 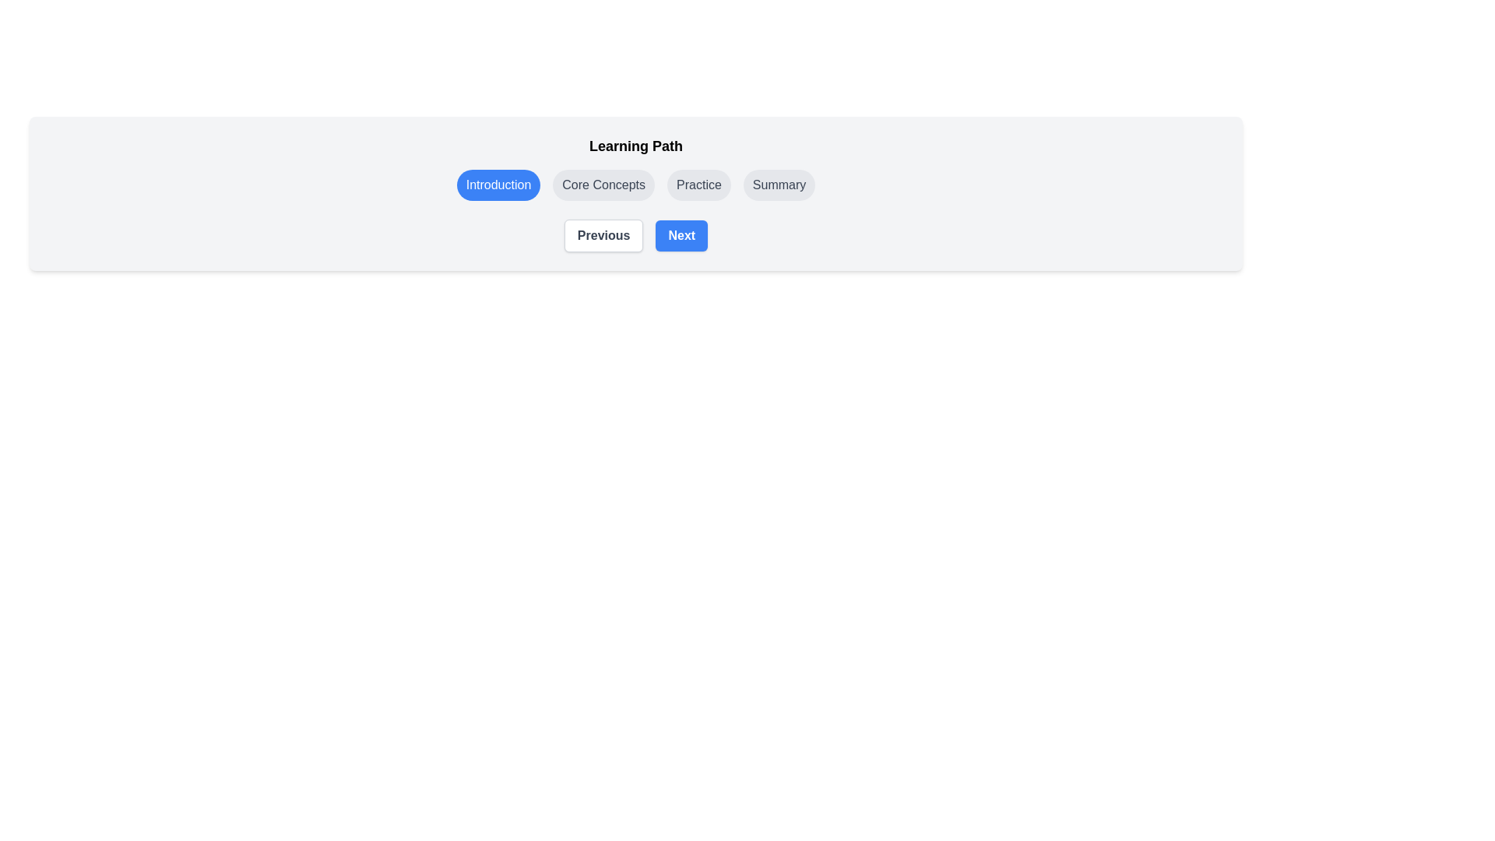 What do you see at coordinates (603, 236) in the screenshot?
I see `the 'Previous' button` at bounding box center [603, 236].